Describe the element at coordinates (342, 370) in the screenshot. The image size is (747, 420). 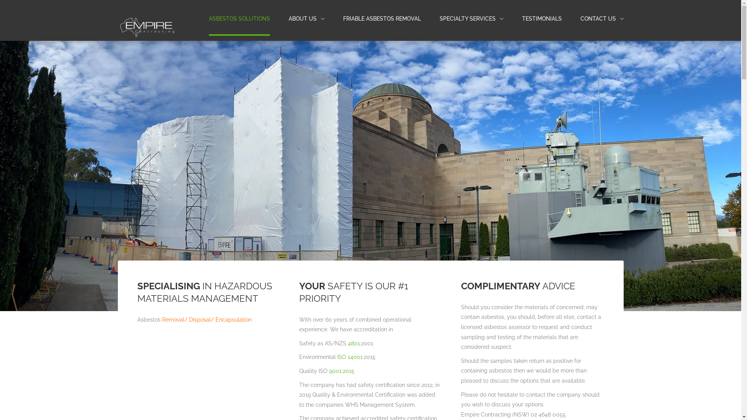
I see `'9001:2015 '` at that location.